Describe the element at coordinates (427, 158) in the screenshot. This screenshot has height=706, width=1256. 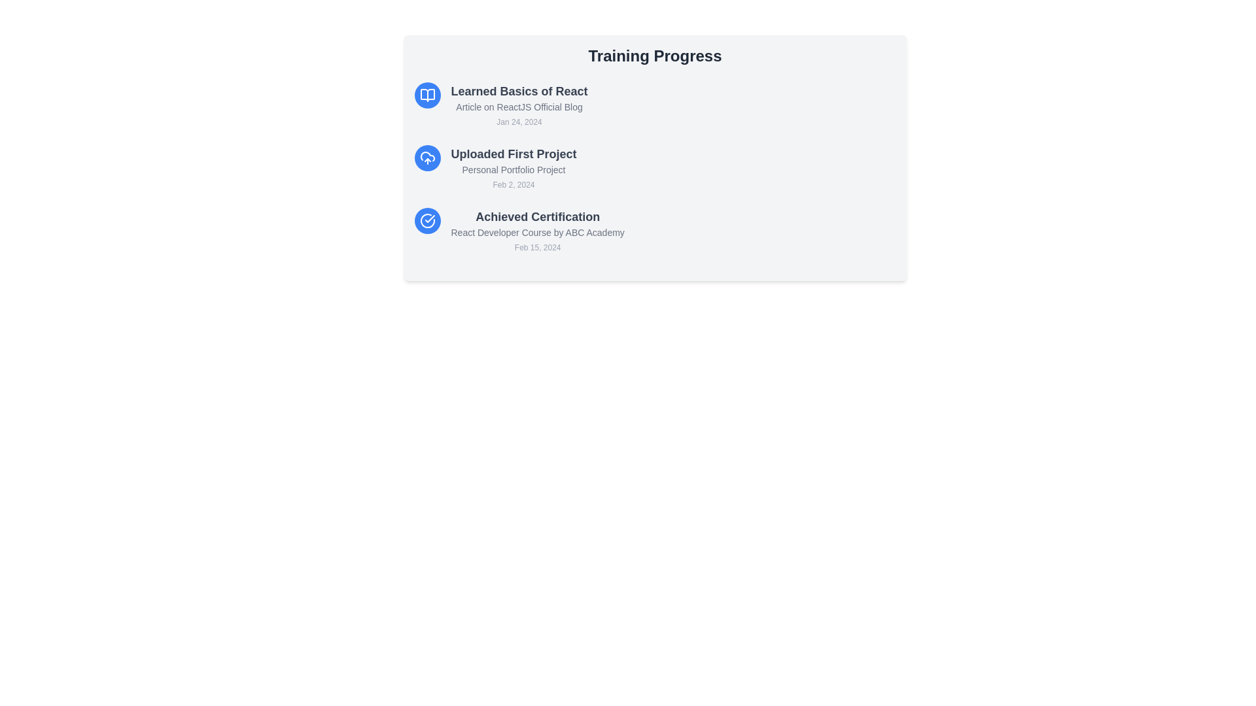
I see `the circular icon with a blue background and white cloud-upload graphic, located to the left of the 'Uploaded First Project' text in the 'Training Progress' section` at that location.